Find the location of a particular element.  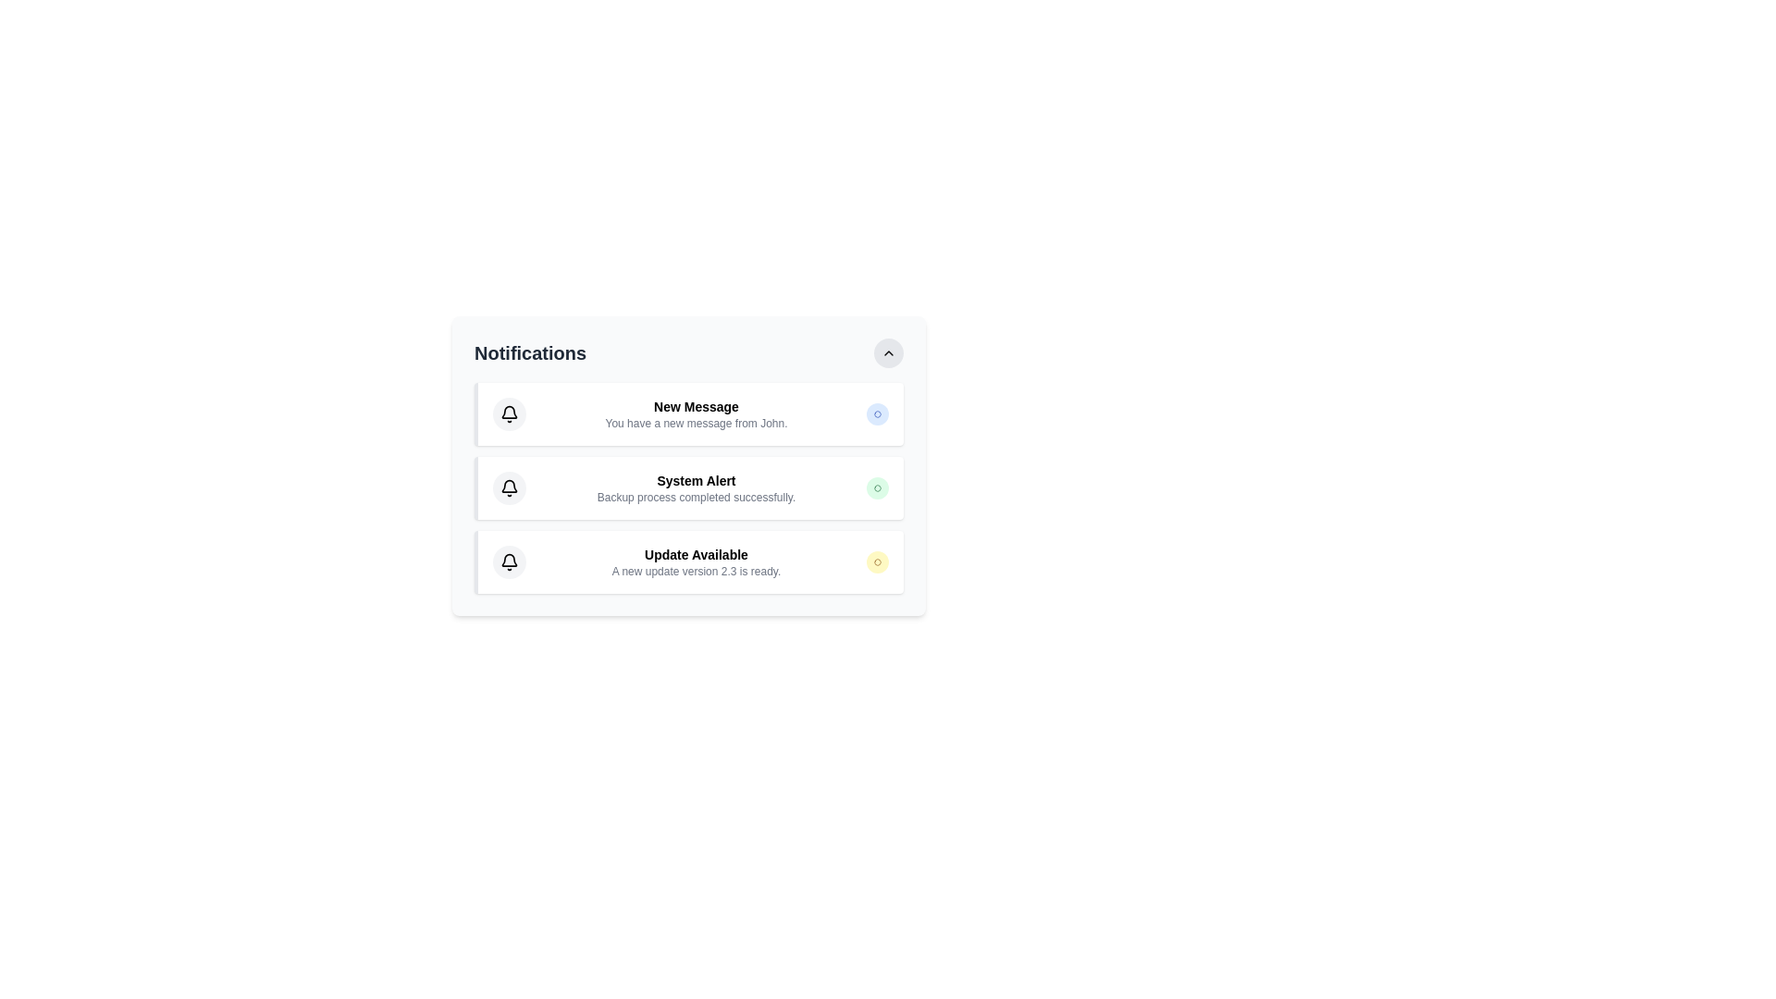

the second notification card in the 'Notifications' section, which has a white background, rounded corners, and a green border, displaying the title 'System Alert' and the message 'Backup process completed successfully' is located at coordinates (687, 487).